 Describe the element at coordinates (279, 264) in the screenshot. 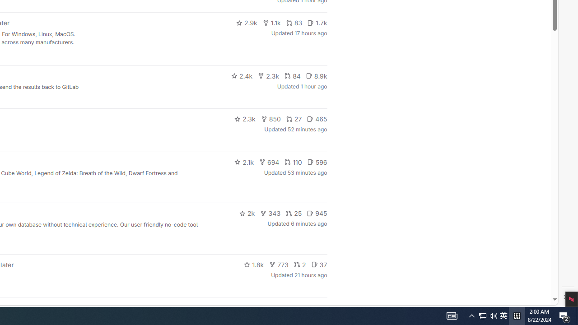

I see `'773'` at that location.